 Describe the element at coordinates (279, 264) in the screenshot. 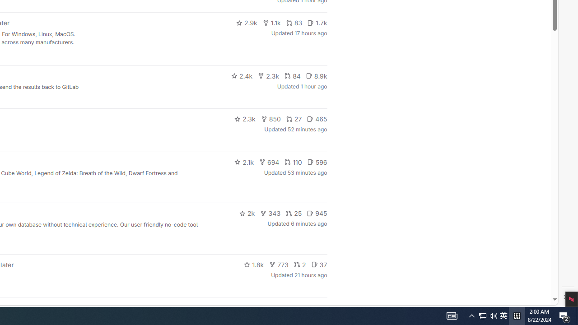

I see `'773'` at that location.